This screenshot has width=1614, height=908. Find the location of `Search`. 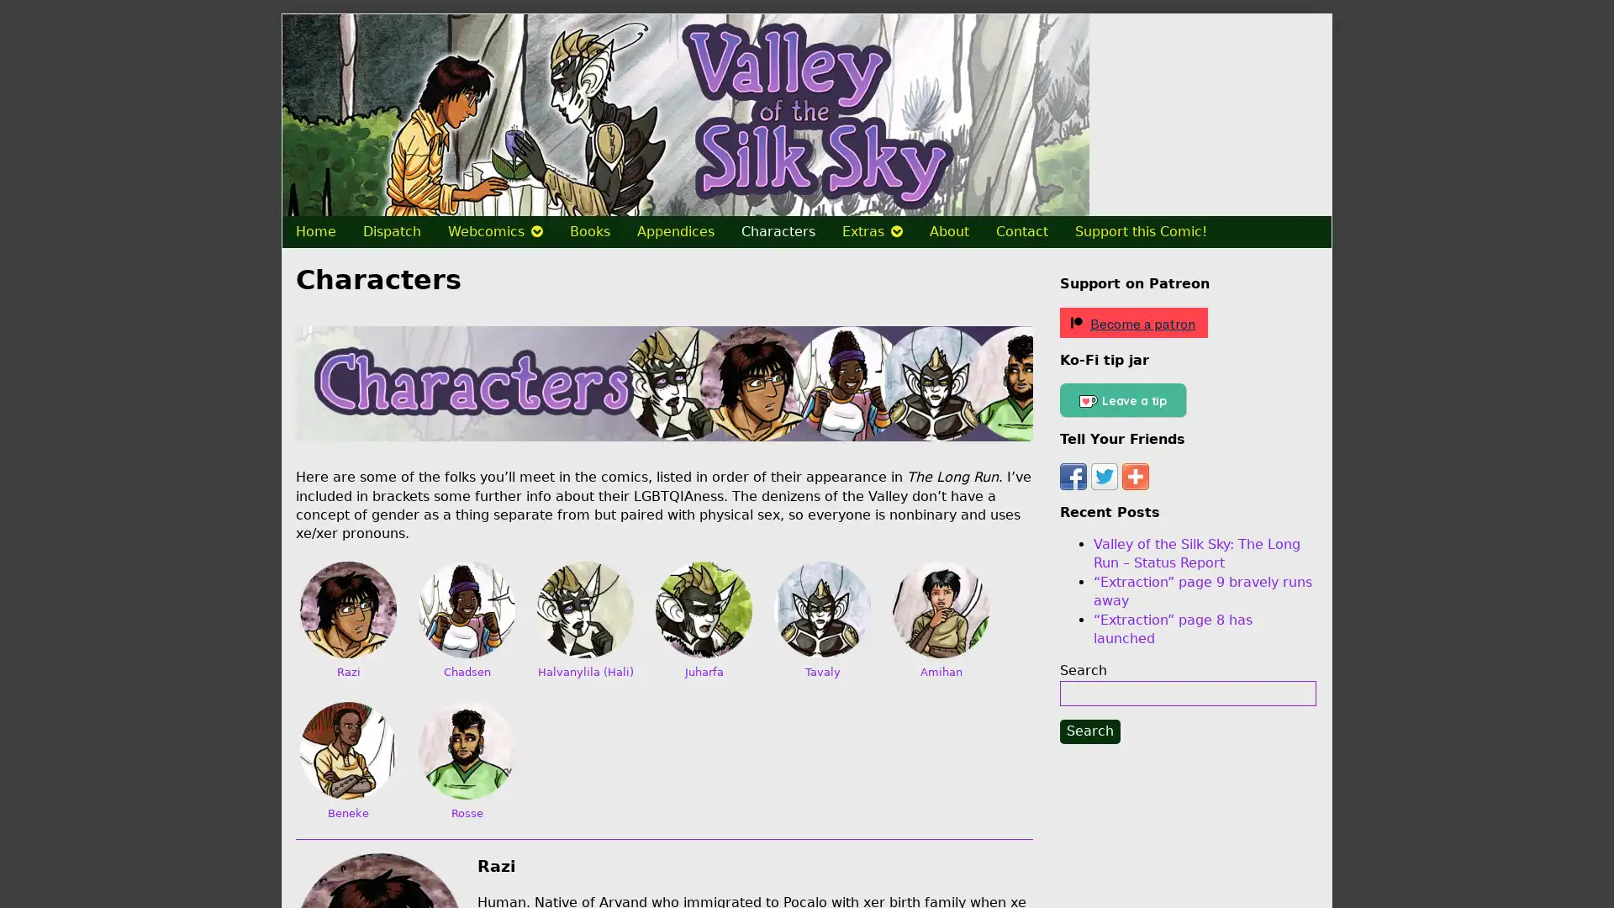

Search is located at coordinates (1089, 731).